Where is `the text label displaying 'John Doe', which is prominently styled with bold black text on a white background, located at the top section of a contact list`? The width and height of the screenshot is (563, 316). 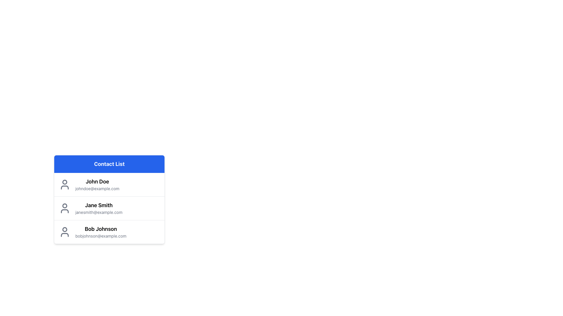 the text label displaying 'John Doe', which is prominently styled with bold black text on a white background, located at the top section of a contact list is located at coordinates (97, 181).